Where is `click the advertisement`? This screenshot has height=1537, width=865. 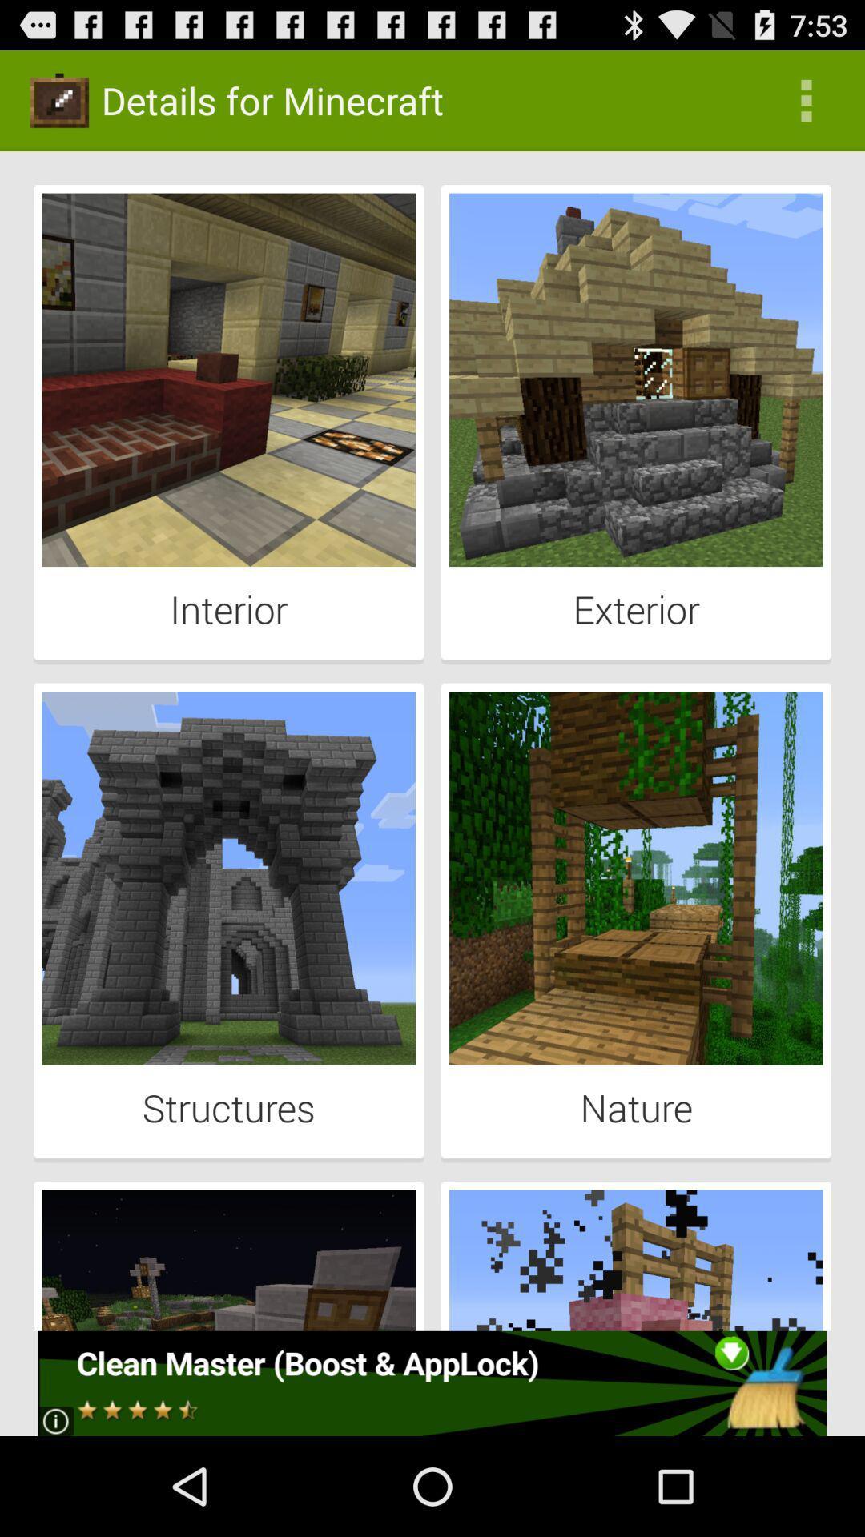 click the advertisement is located at coordinates (431, 1382).